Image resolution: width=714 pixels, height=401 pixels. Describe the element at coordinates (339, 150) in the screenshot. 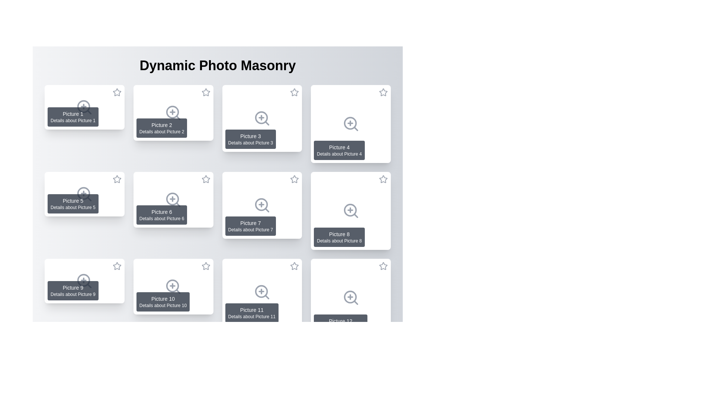

I see `information displayed in the informational text block at the bottom left of the fourth photo card, which contains the text 'Picture 4' and 'Details about Picture 4'` at that location.